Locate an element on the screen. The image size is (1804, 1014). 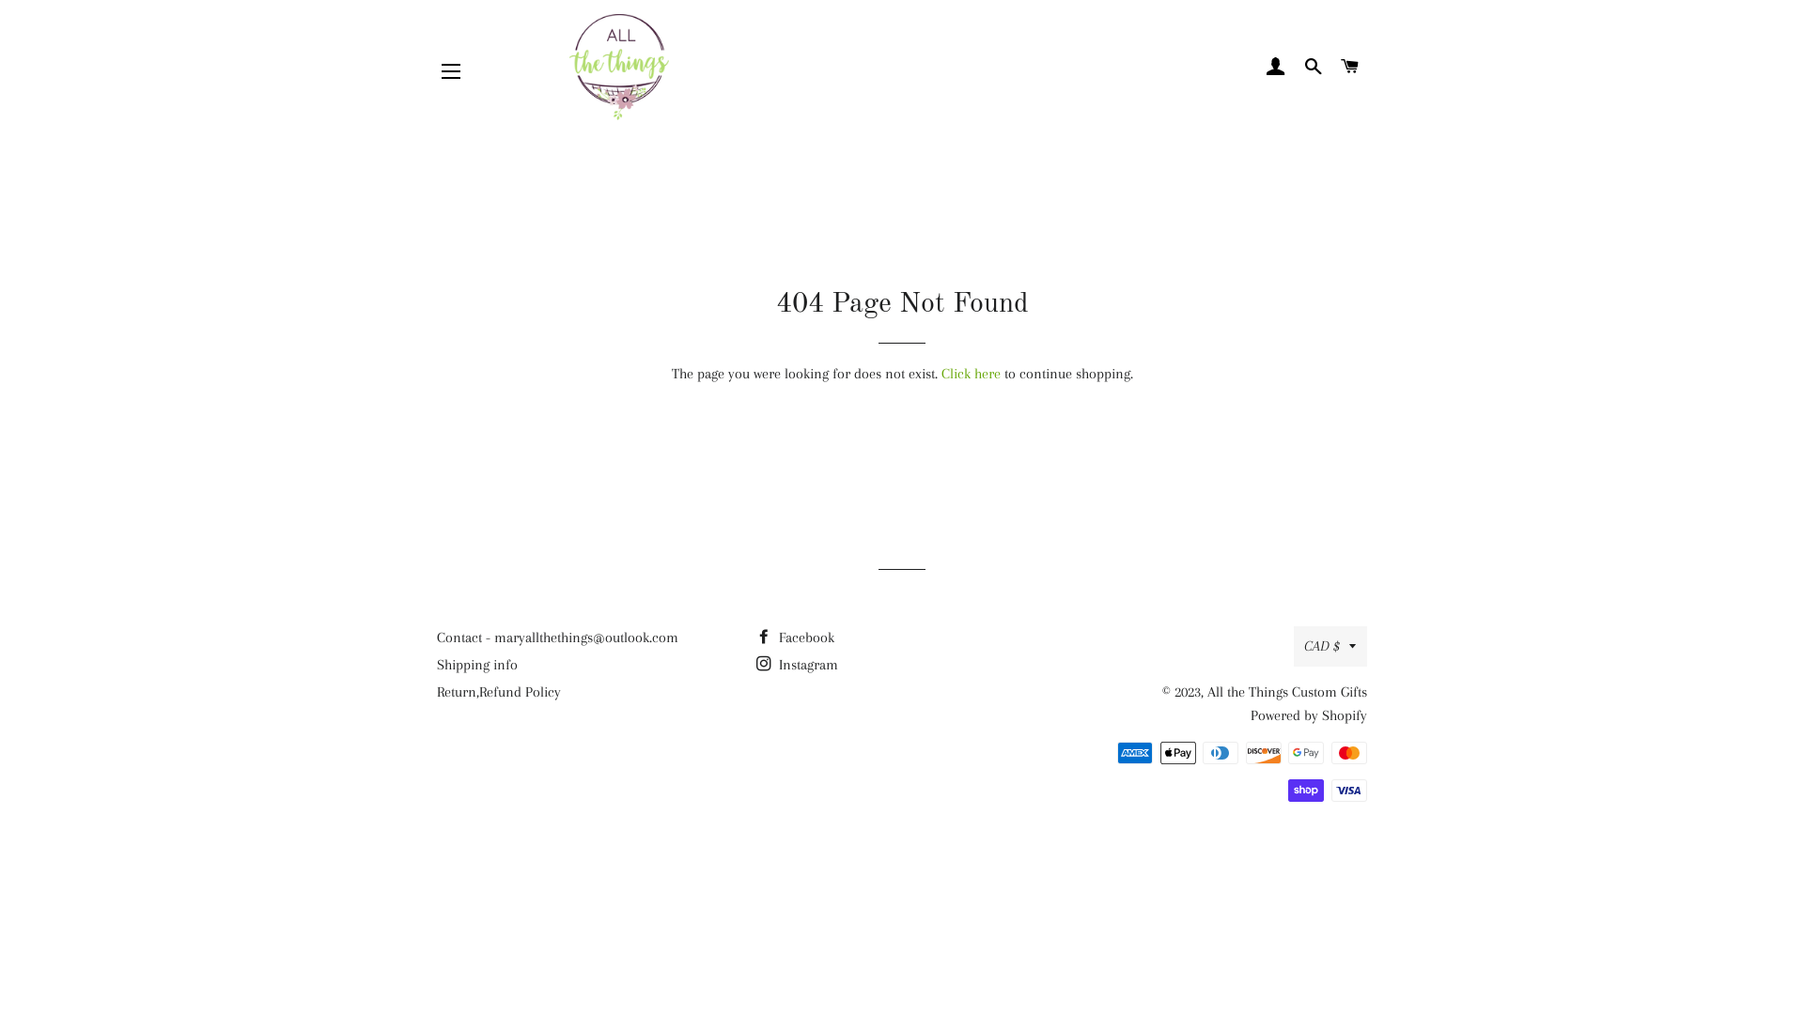
'SEARCH' is located at coordinates (1312, 65).